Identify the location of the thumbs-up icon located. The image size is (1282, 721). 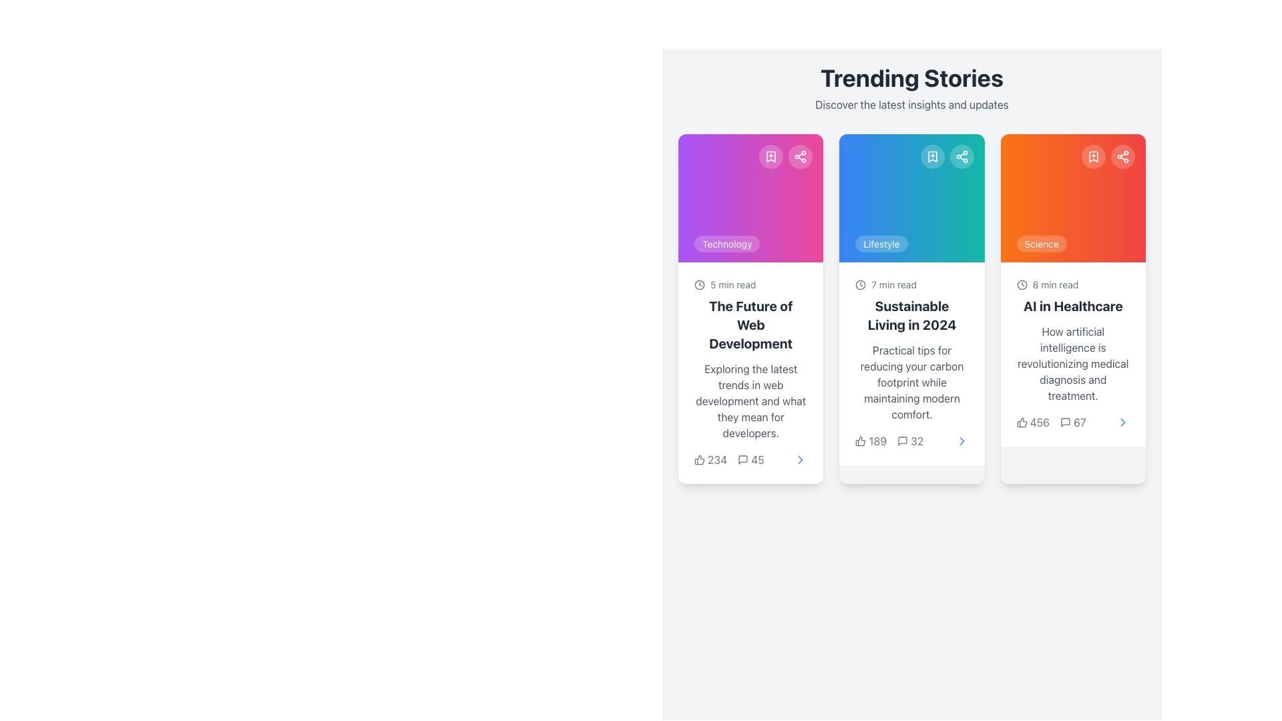
(1021, 422).